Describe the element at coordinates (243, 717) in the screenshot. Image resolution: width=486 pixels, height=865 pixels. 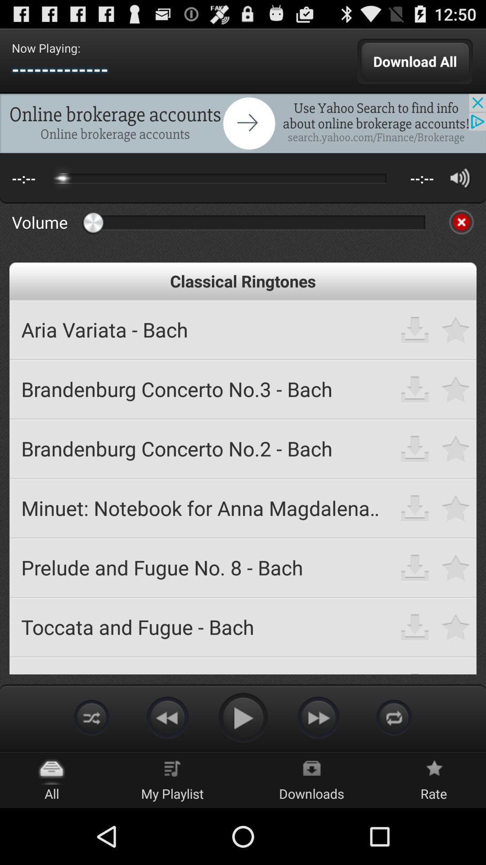
I see `play` at that location.